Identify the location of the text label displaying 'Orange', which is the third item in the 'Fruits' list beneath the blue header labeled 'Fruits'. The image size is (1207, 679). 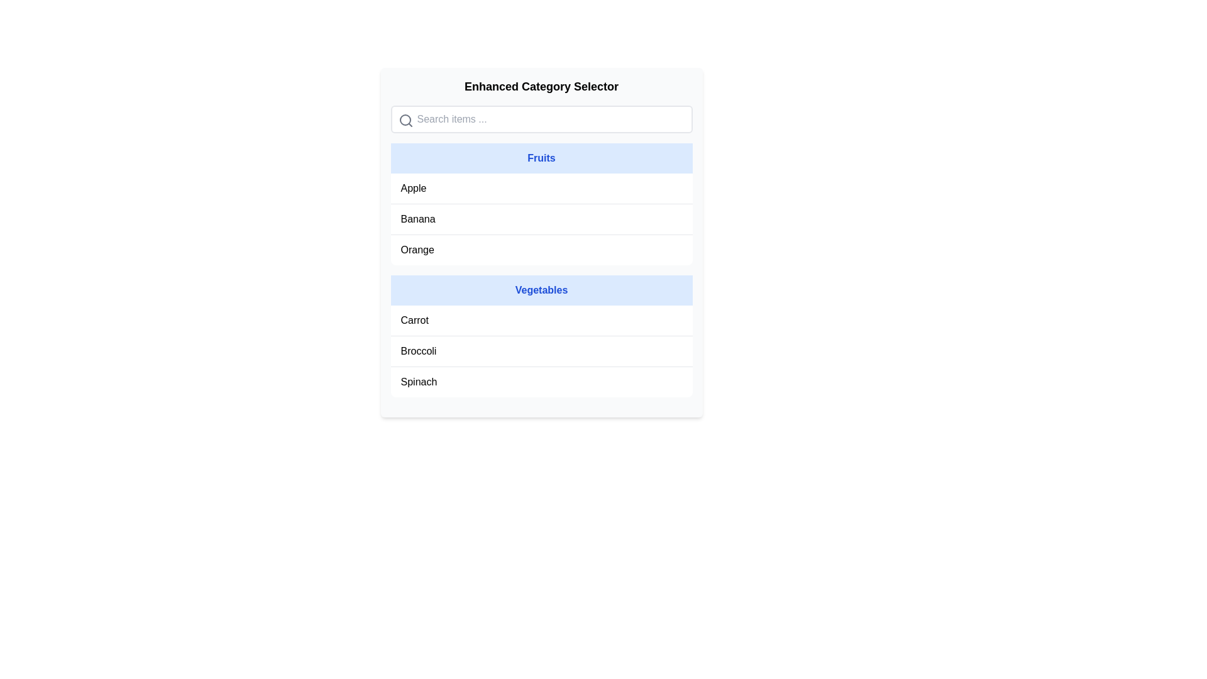
(417, 250).